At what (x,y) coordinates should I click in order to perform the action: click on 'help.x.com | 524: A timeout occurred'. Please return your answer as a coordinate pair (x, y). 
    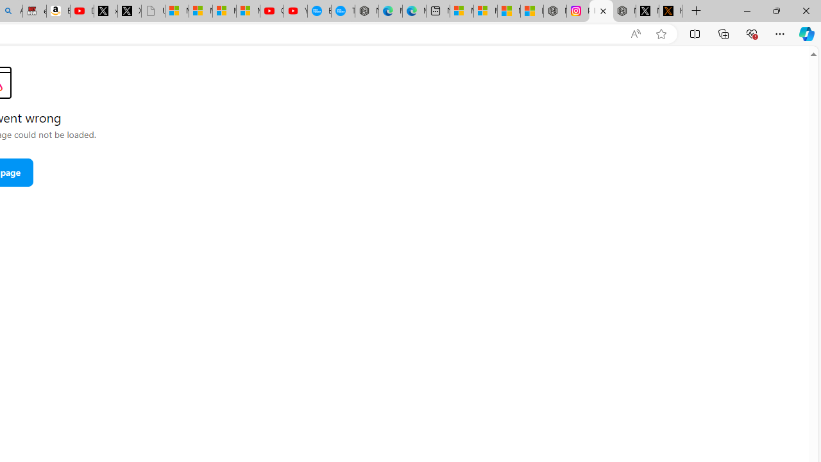
    Looking at the image, I should click on (670, 11).